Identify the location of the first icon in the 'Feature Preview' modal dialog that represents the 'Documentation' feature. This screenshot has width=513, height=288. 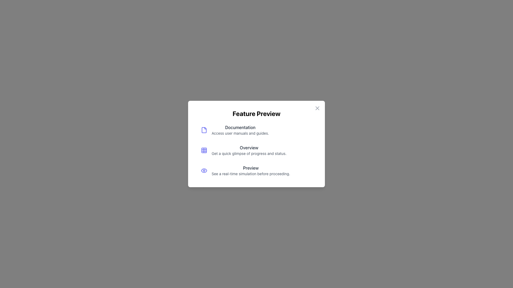
(204, 130).